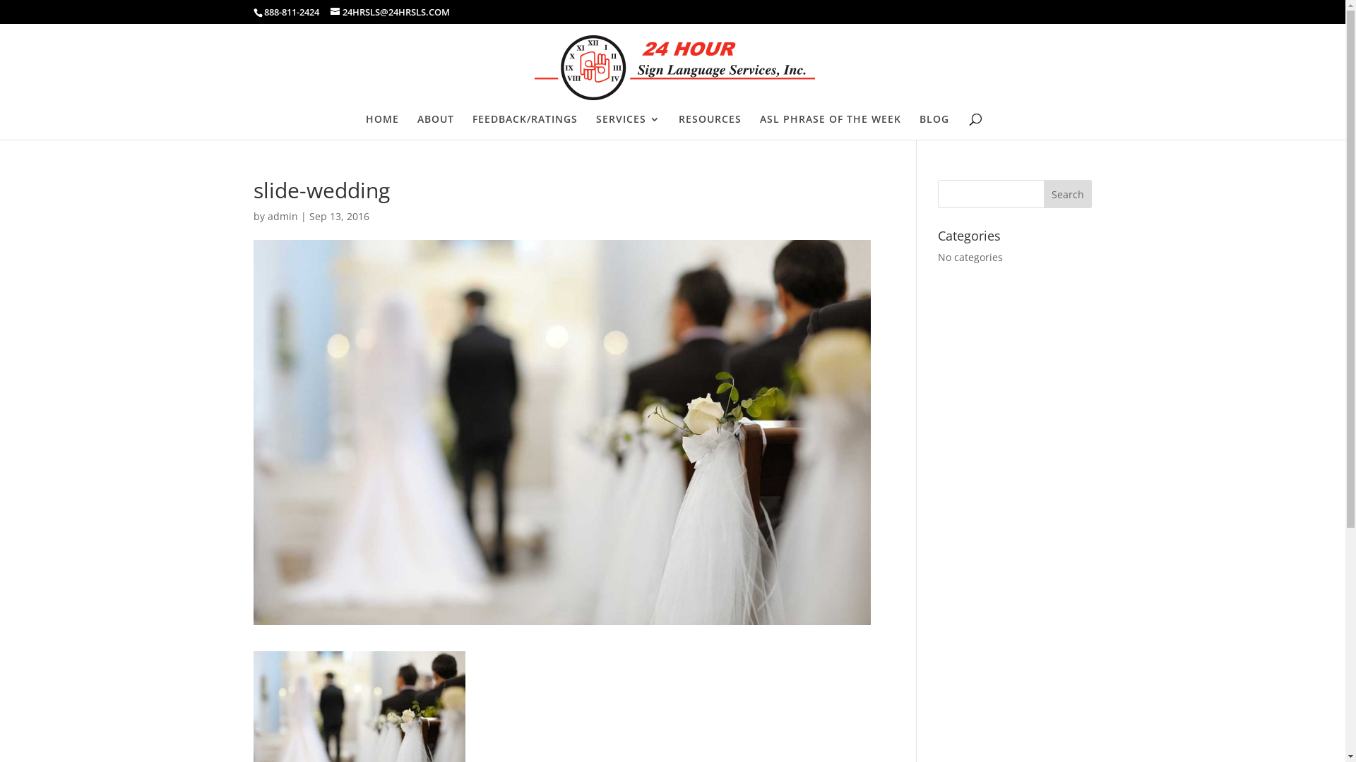  What do you see at coordinates (1068, 193) in the screenshot?
I see `'Search'` at bounding box center [1068, 193].